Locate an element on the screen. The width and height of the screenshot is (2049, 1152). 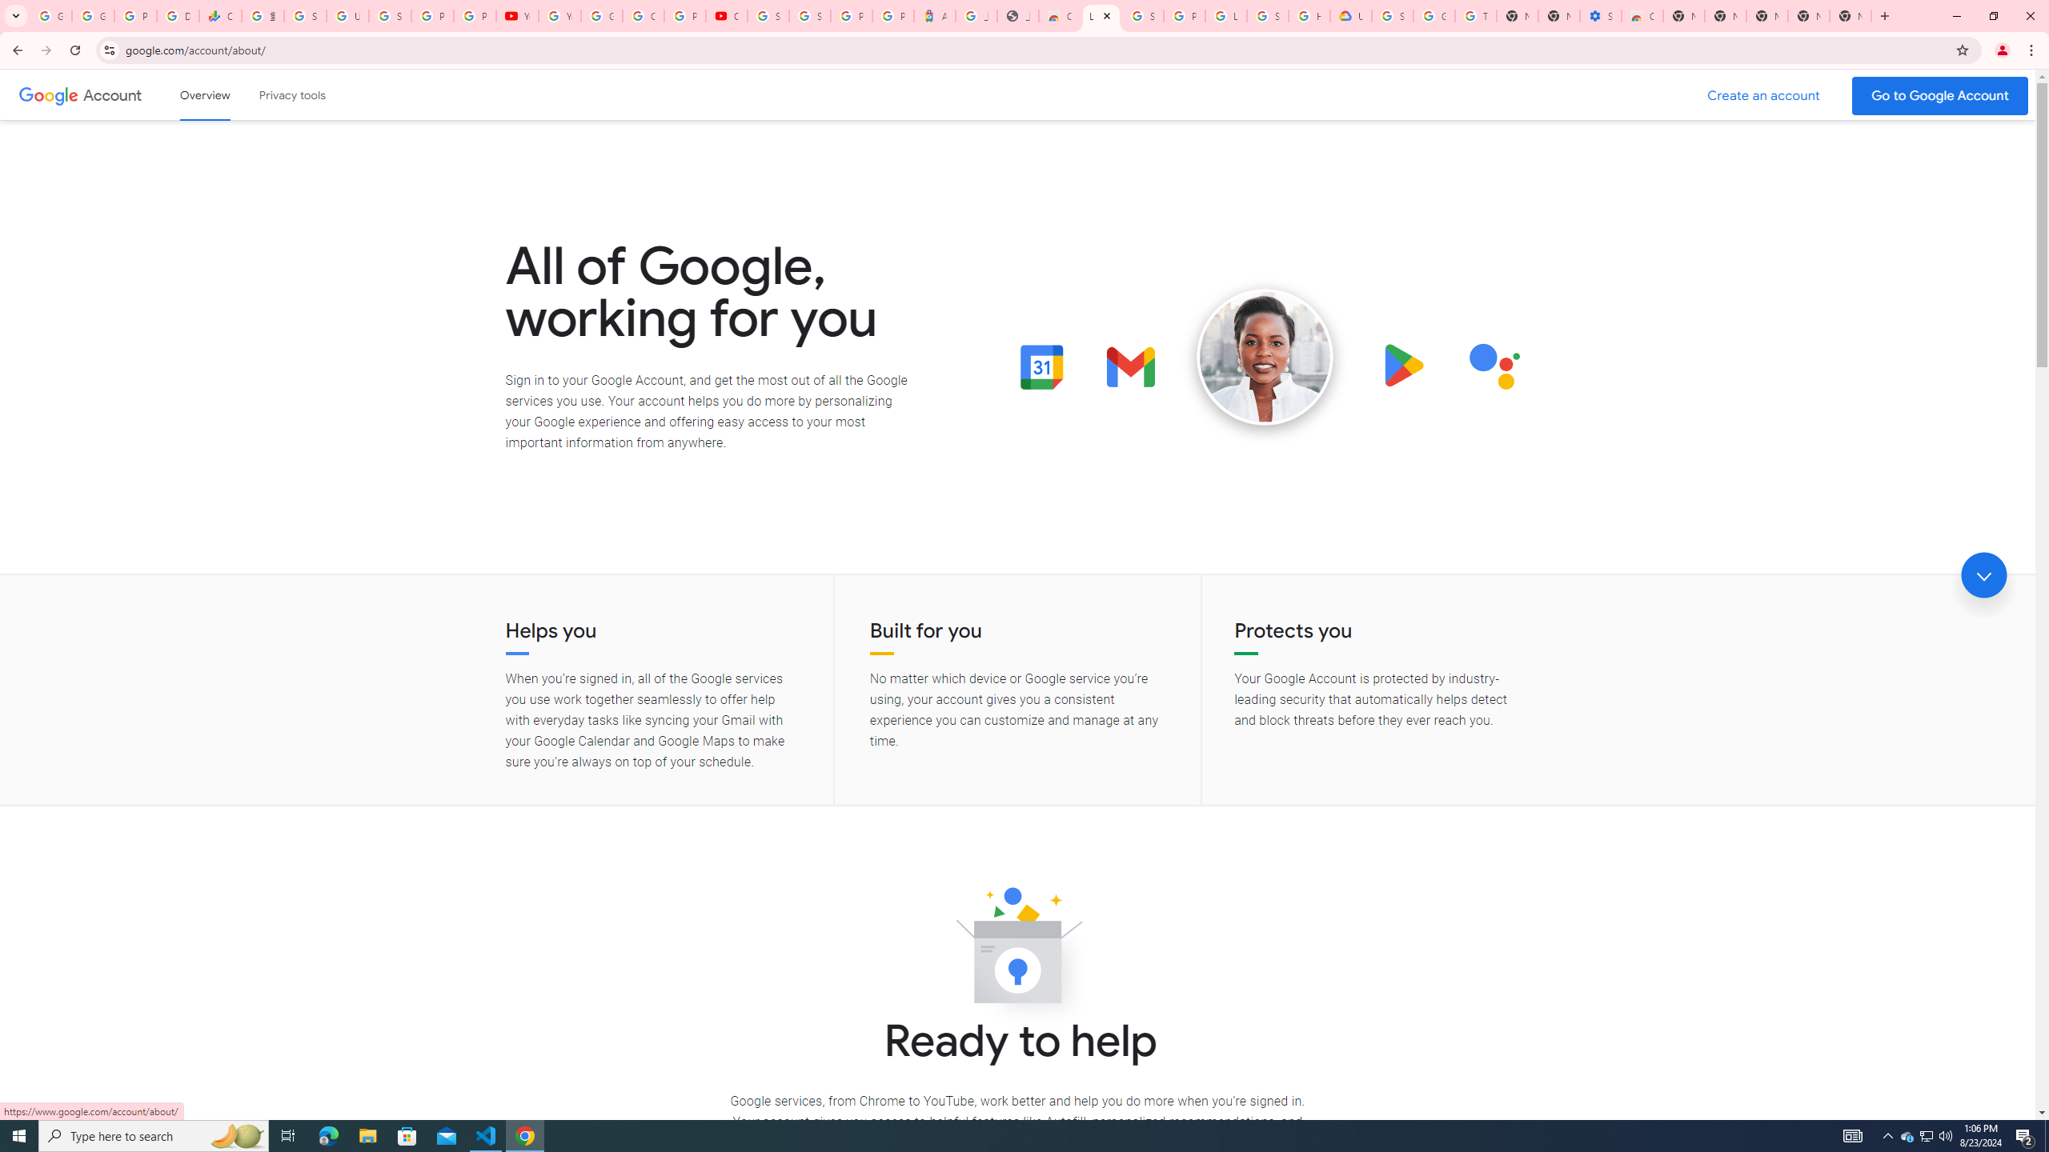
'Close' is located at coordinates (1106, 15).